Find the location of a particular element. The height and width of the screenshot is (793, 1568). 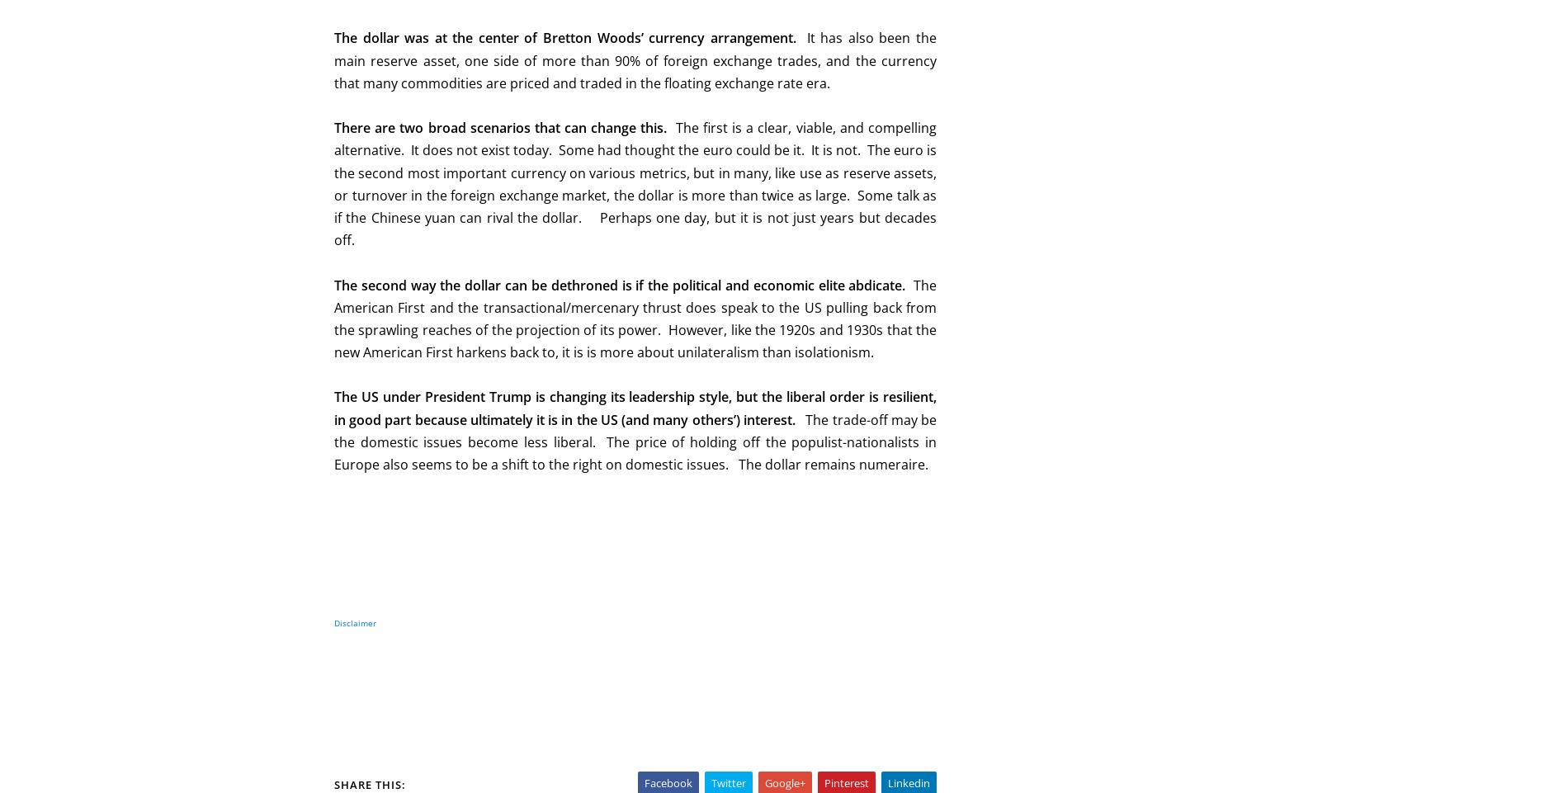

'The first is a clear, viable, and compelling alternative.  It does not exist today.  Some had thought the euro could be it.  It is not.  The euro is the second most important currency on various metrics, but in many, like use as reserve assets, or turnover in the foreign exchange market, the dollar is more than twice as large.  Some talk as if the Chinese yuan can rival the dollar.    Perhaps one day, but it is not just years but decades off.' is located at coordinates (333, 182).